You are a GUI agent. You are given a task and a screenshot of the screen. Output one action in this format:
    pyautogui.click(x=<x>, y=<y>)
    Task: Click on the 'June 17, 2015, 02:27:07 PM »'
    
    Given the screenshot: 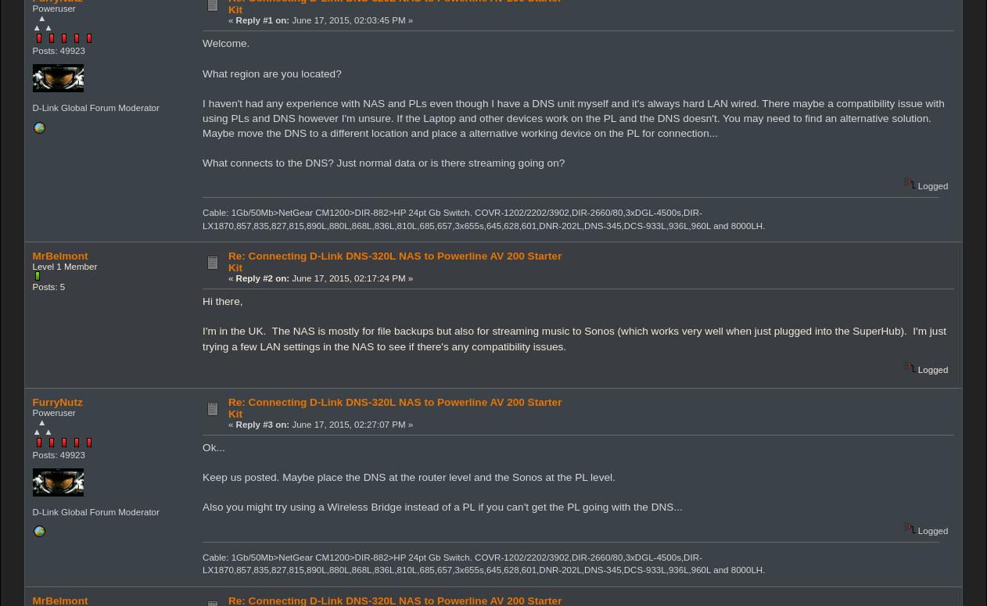 What is the action you would take?
    pyautogui.click(x=351, y=424)
    